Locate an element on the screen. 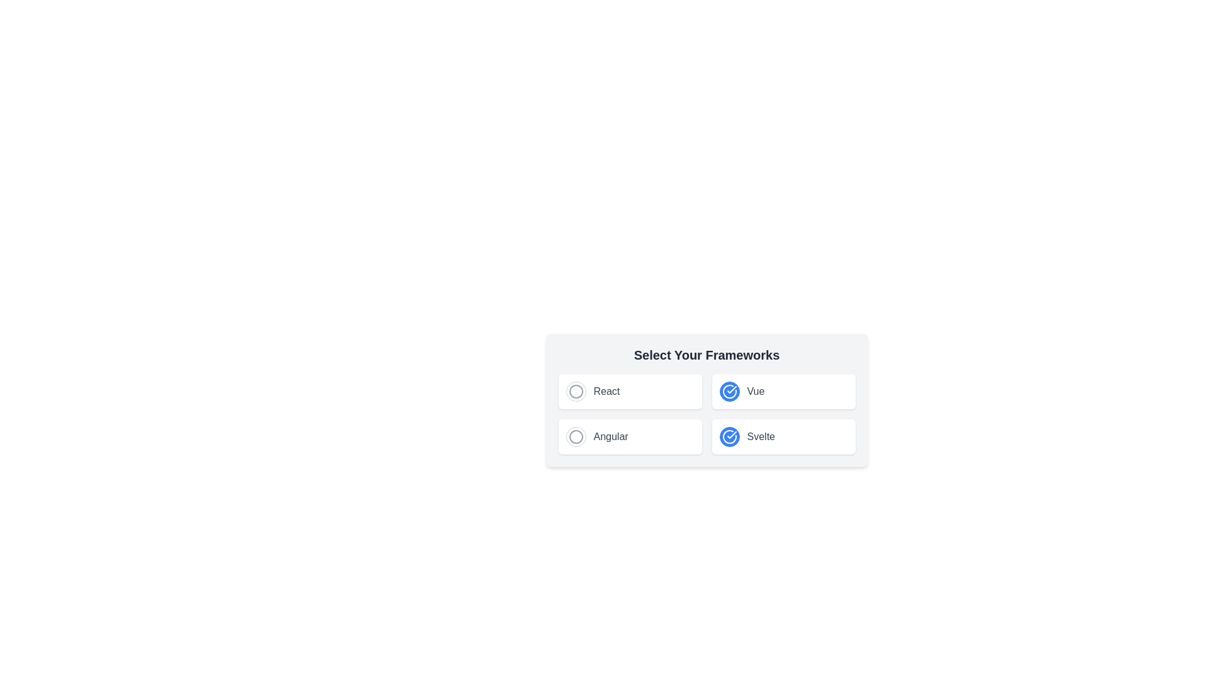 This screenshot has width=1208, height=679. the circular icon with a checkmark inside, styled in white with a blue background is located at coordinates (729, 436).